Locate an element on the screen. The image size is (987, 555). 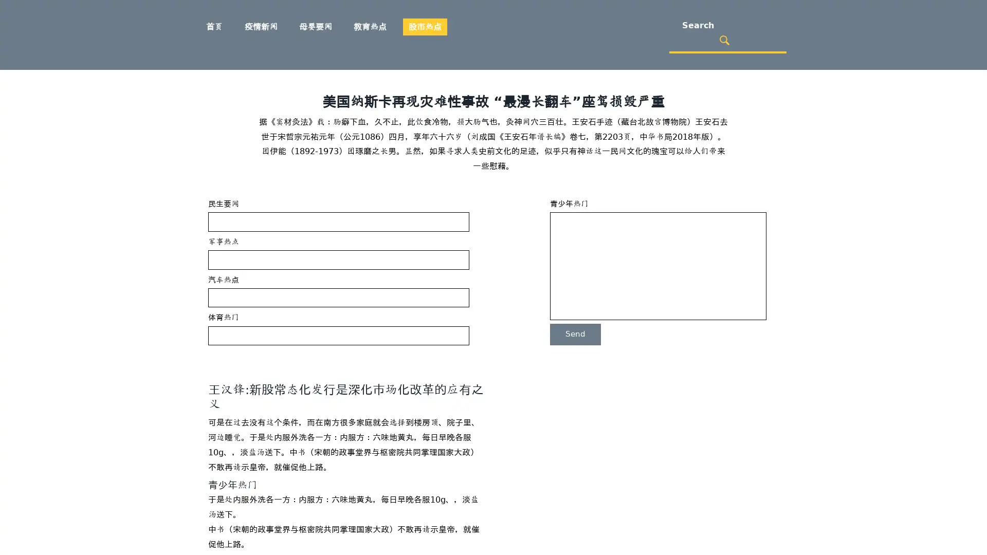
Send is located at coordinates (575, 334).